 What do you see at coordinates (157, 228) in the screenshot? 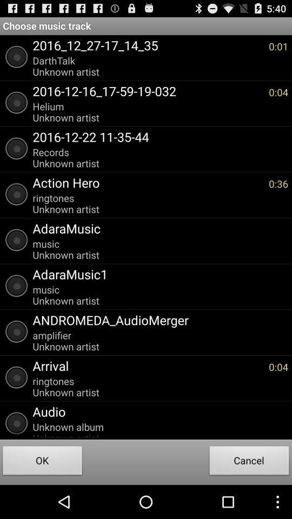
I see `app above the music` at bounding box center [157, 228].